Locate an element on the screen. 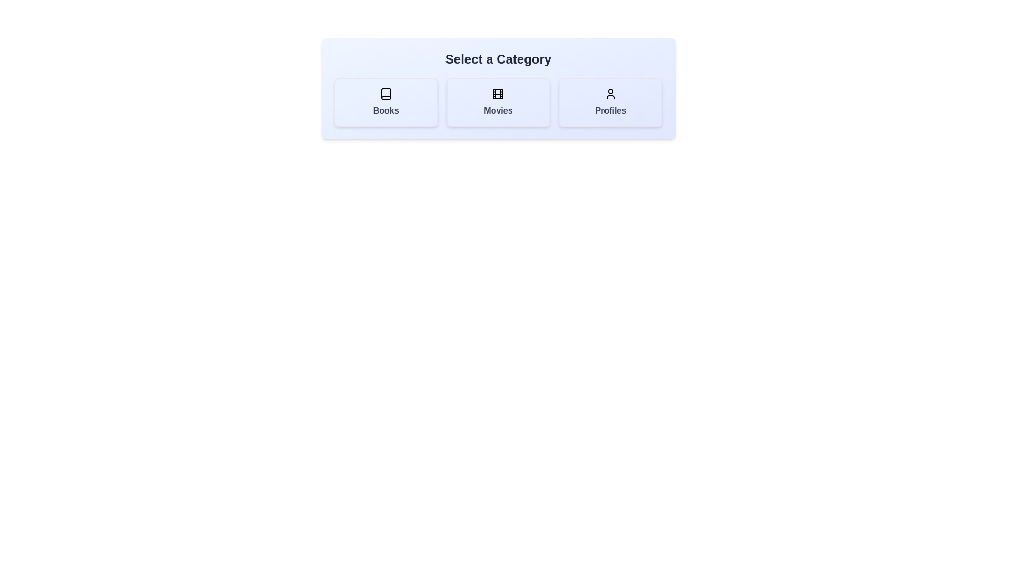 This screenshot has height=568, width=1011. the category Movies by clicking on it is located at coordinates (497, 103).